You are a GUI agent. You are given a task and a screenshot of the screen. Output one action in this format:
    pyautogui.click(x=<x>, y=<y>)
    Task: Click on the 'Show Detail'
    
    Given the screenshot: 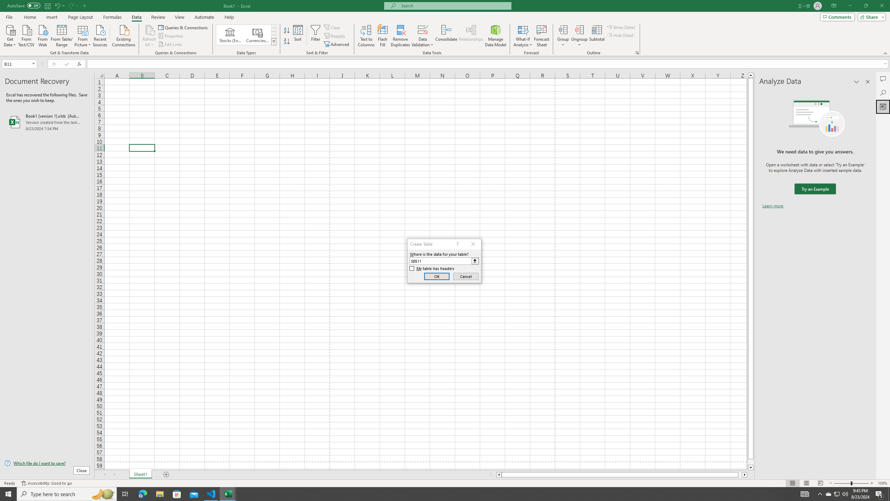 What is the action you would take?
    pyautogui.click(x=621, y=27)
    